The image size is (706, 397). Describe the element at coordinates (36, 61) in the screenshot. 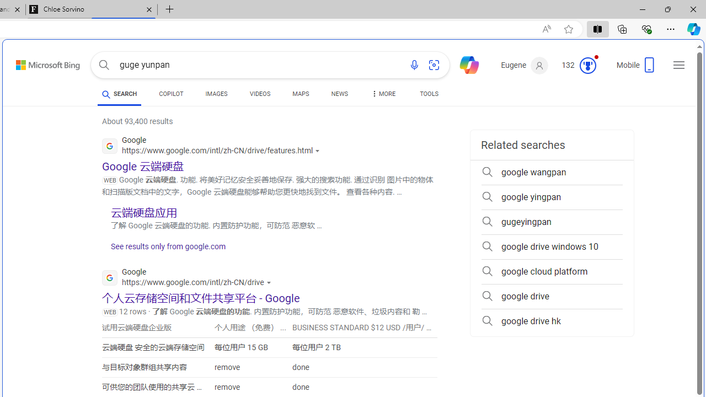

I see `'Skip to content'` at that location.